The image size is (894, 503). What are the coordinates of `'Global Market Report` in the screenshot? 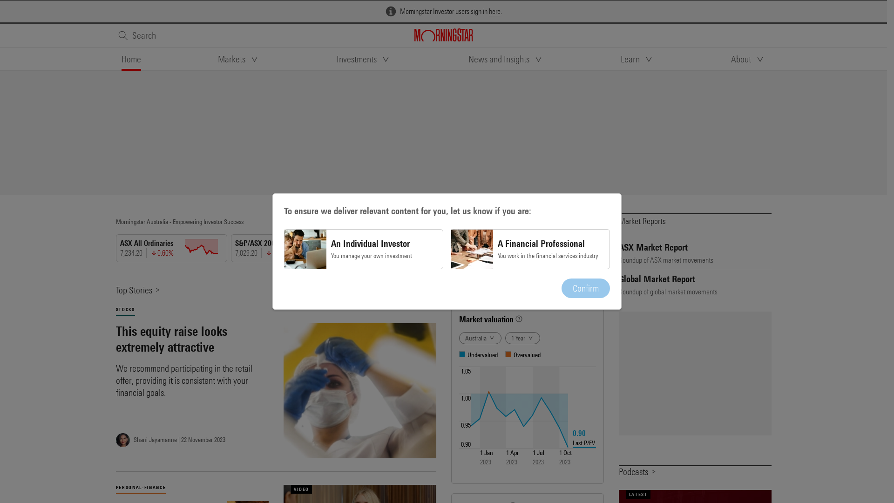 It's located at (695, 284).